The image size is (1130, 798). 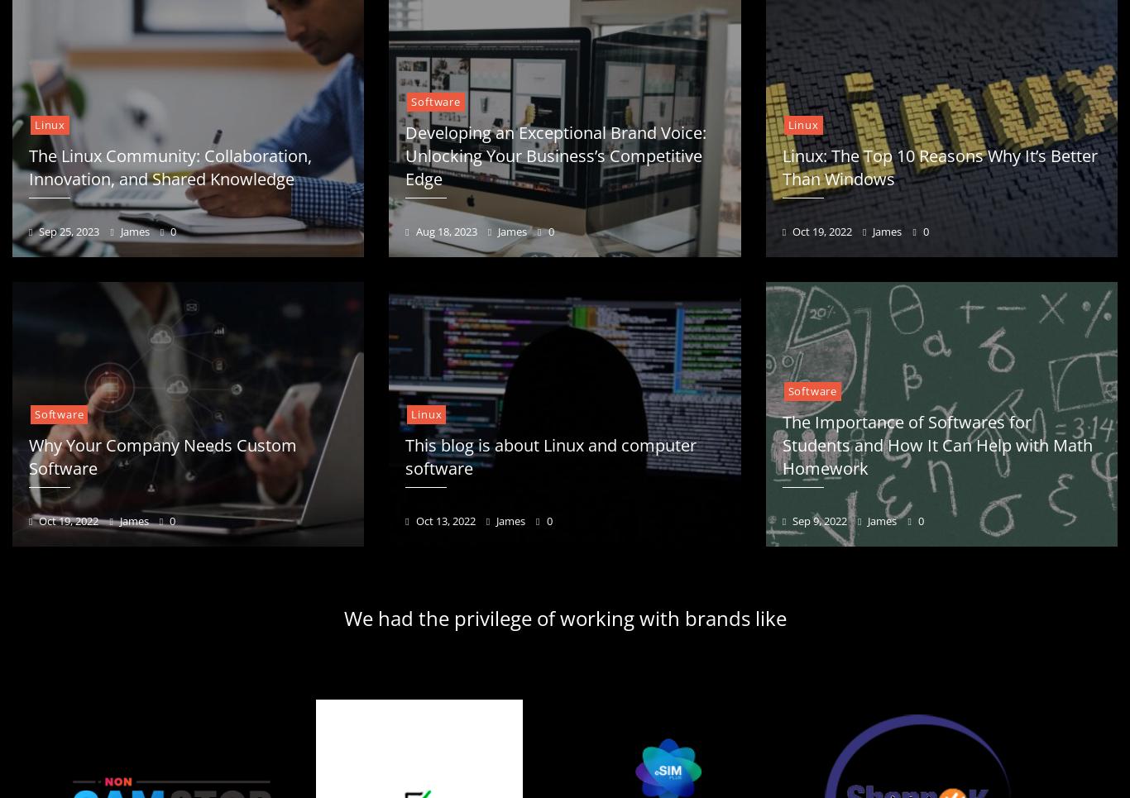 I want to click on 'The Linux Community: Collaboration, Innovation, and Shared Knowledge', so click(x=169, y=166).